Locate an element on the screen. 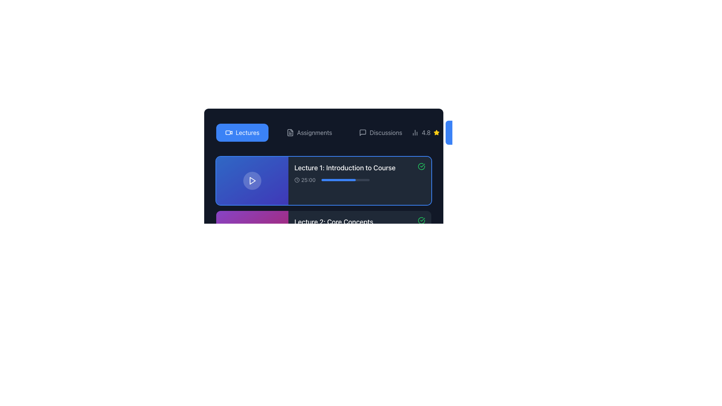  the educational content card representing the first lecture in the course module is located at coordinates (359, 173).